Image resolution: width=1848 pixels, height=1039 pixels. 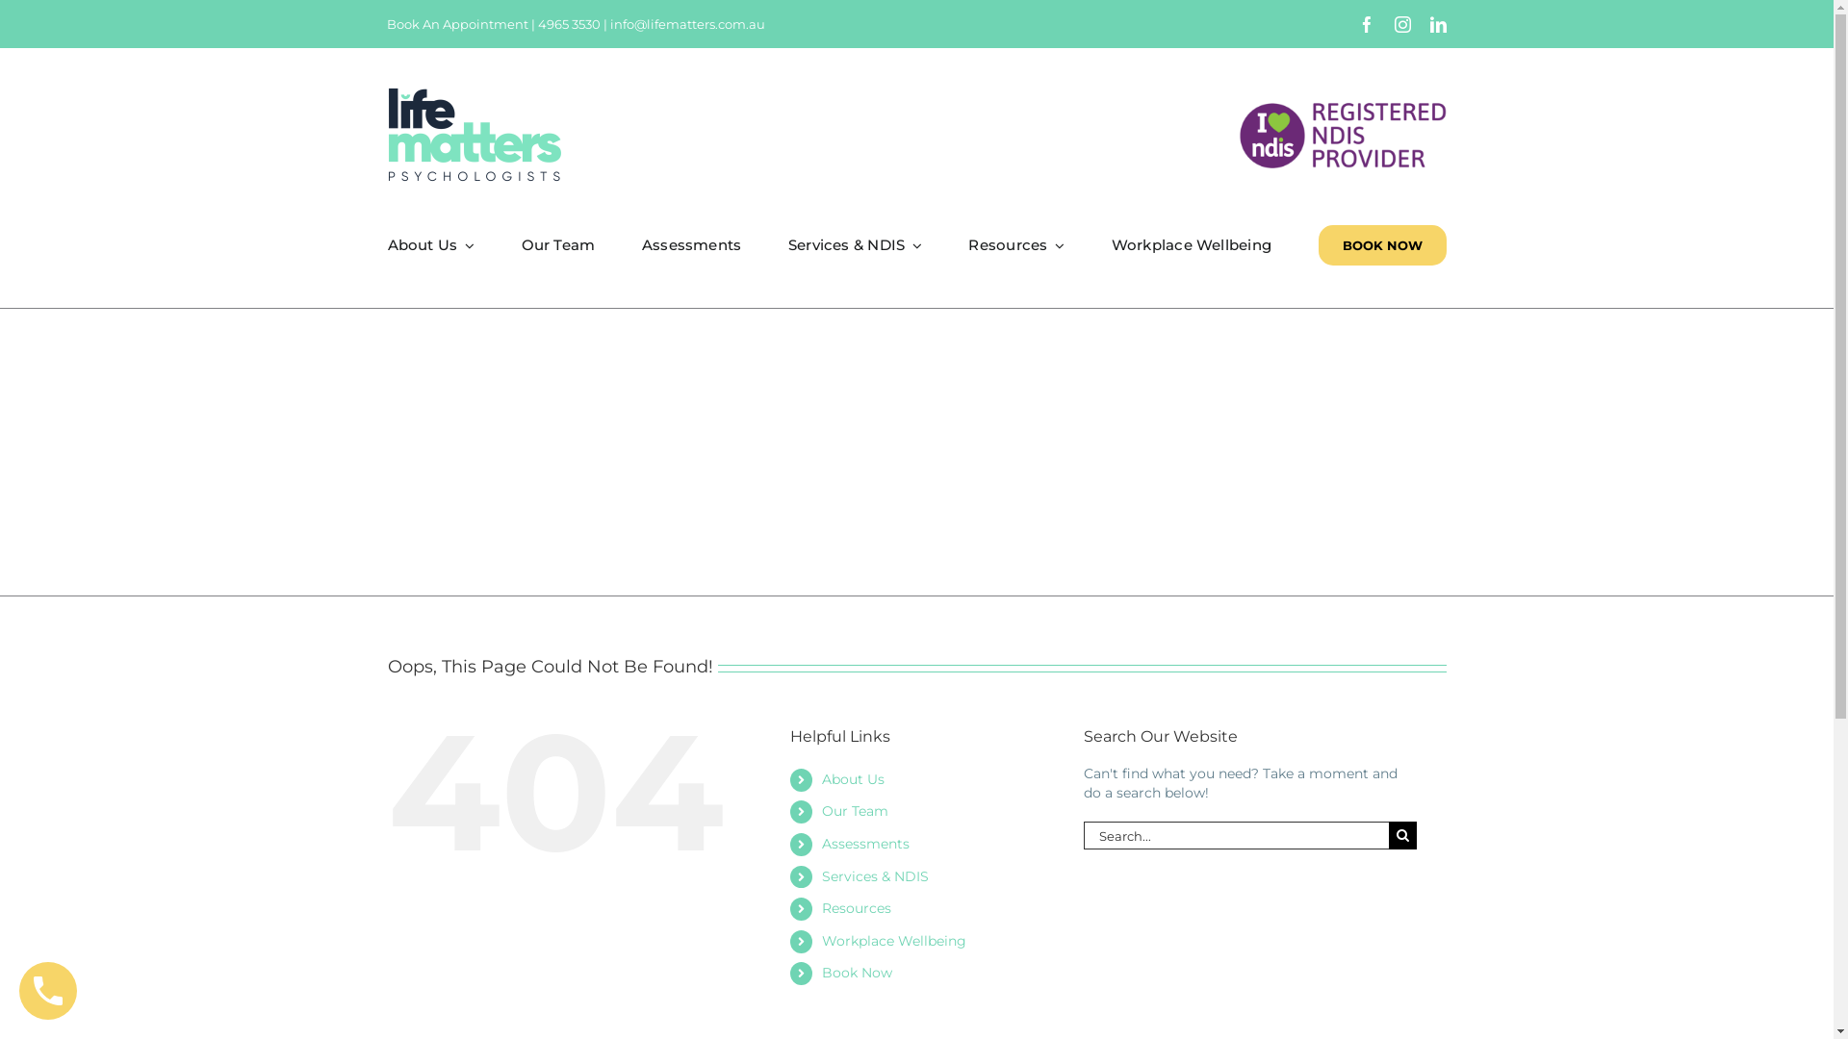 I want to click on 'BOOK NOW', so click(x=1381, y=243).